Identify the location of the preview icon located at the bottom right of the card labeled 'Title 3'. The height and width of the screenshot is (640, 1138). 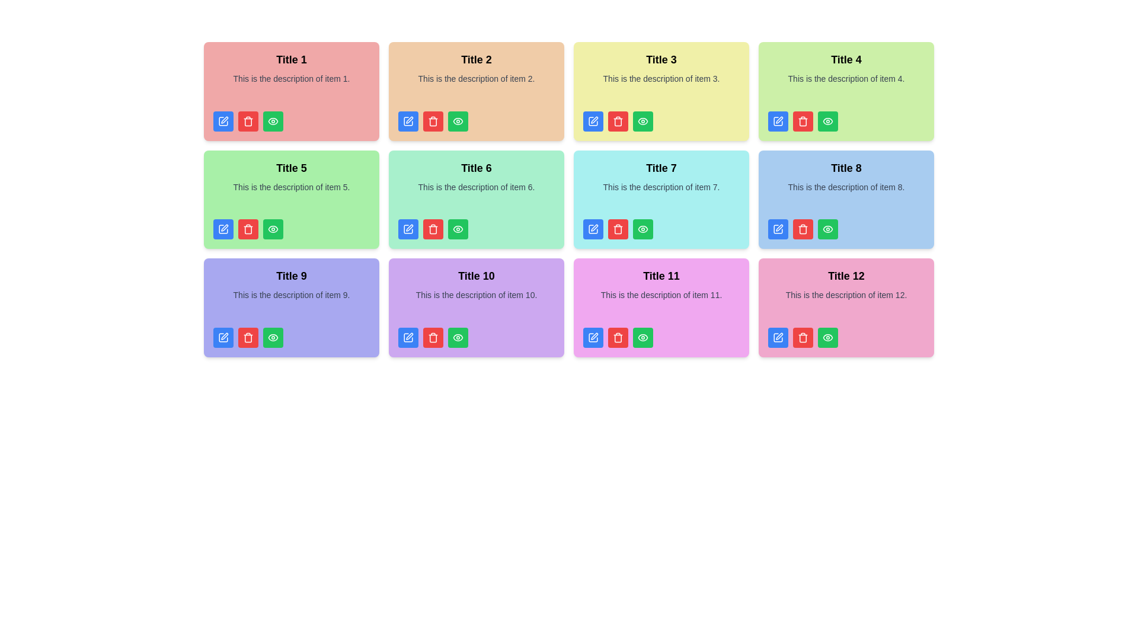
(642, 121).